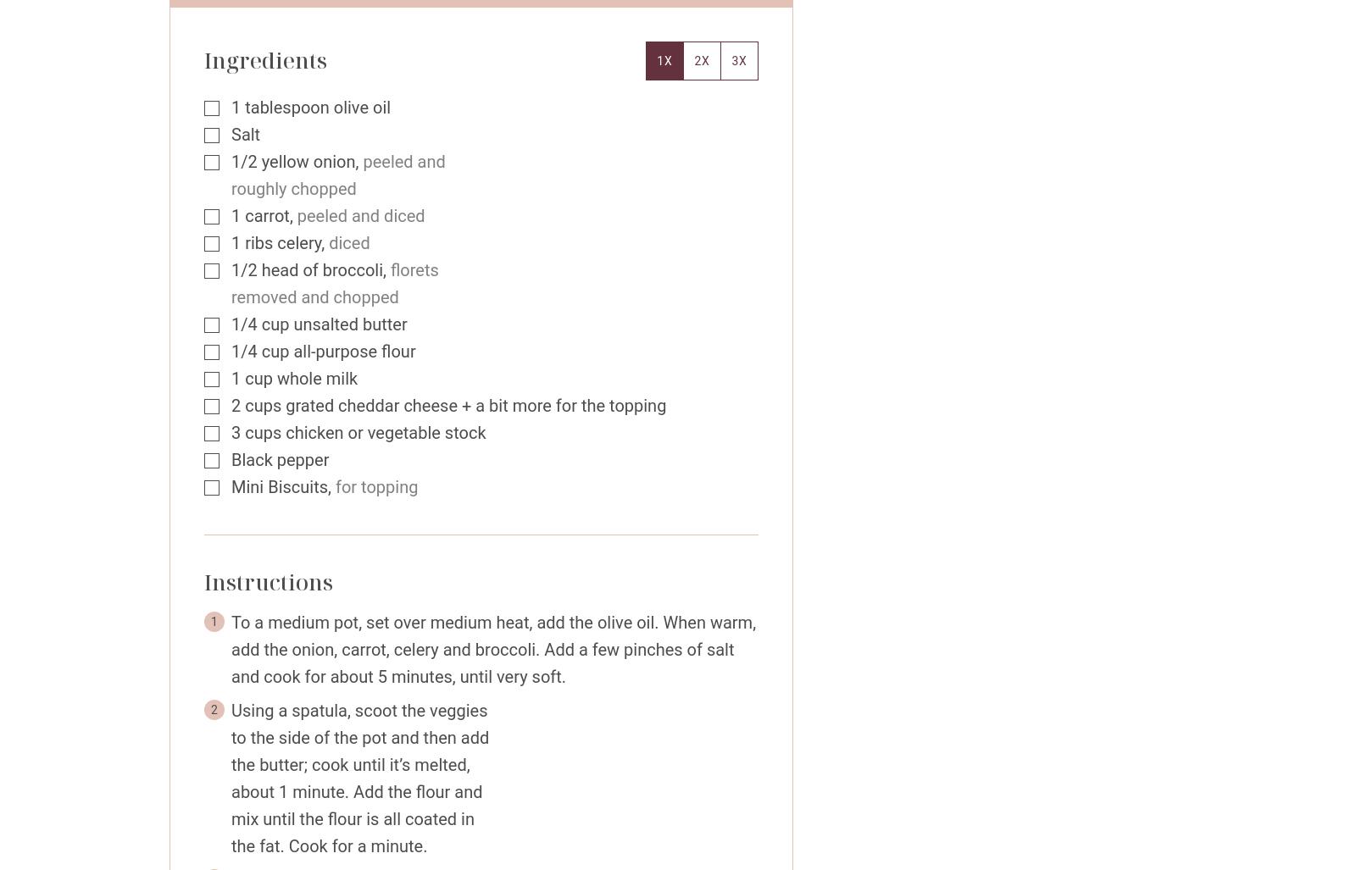  I want to click on 'Instructions', so click(271, 581).